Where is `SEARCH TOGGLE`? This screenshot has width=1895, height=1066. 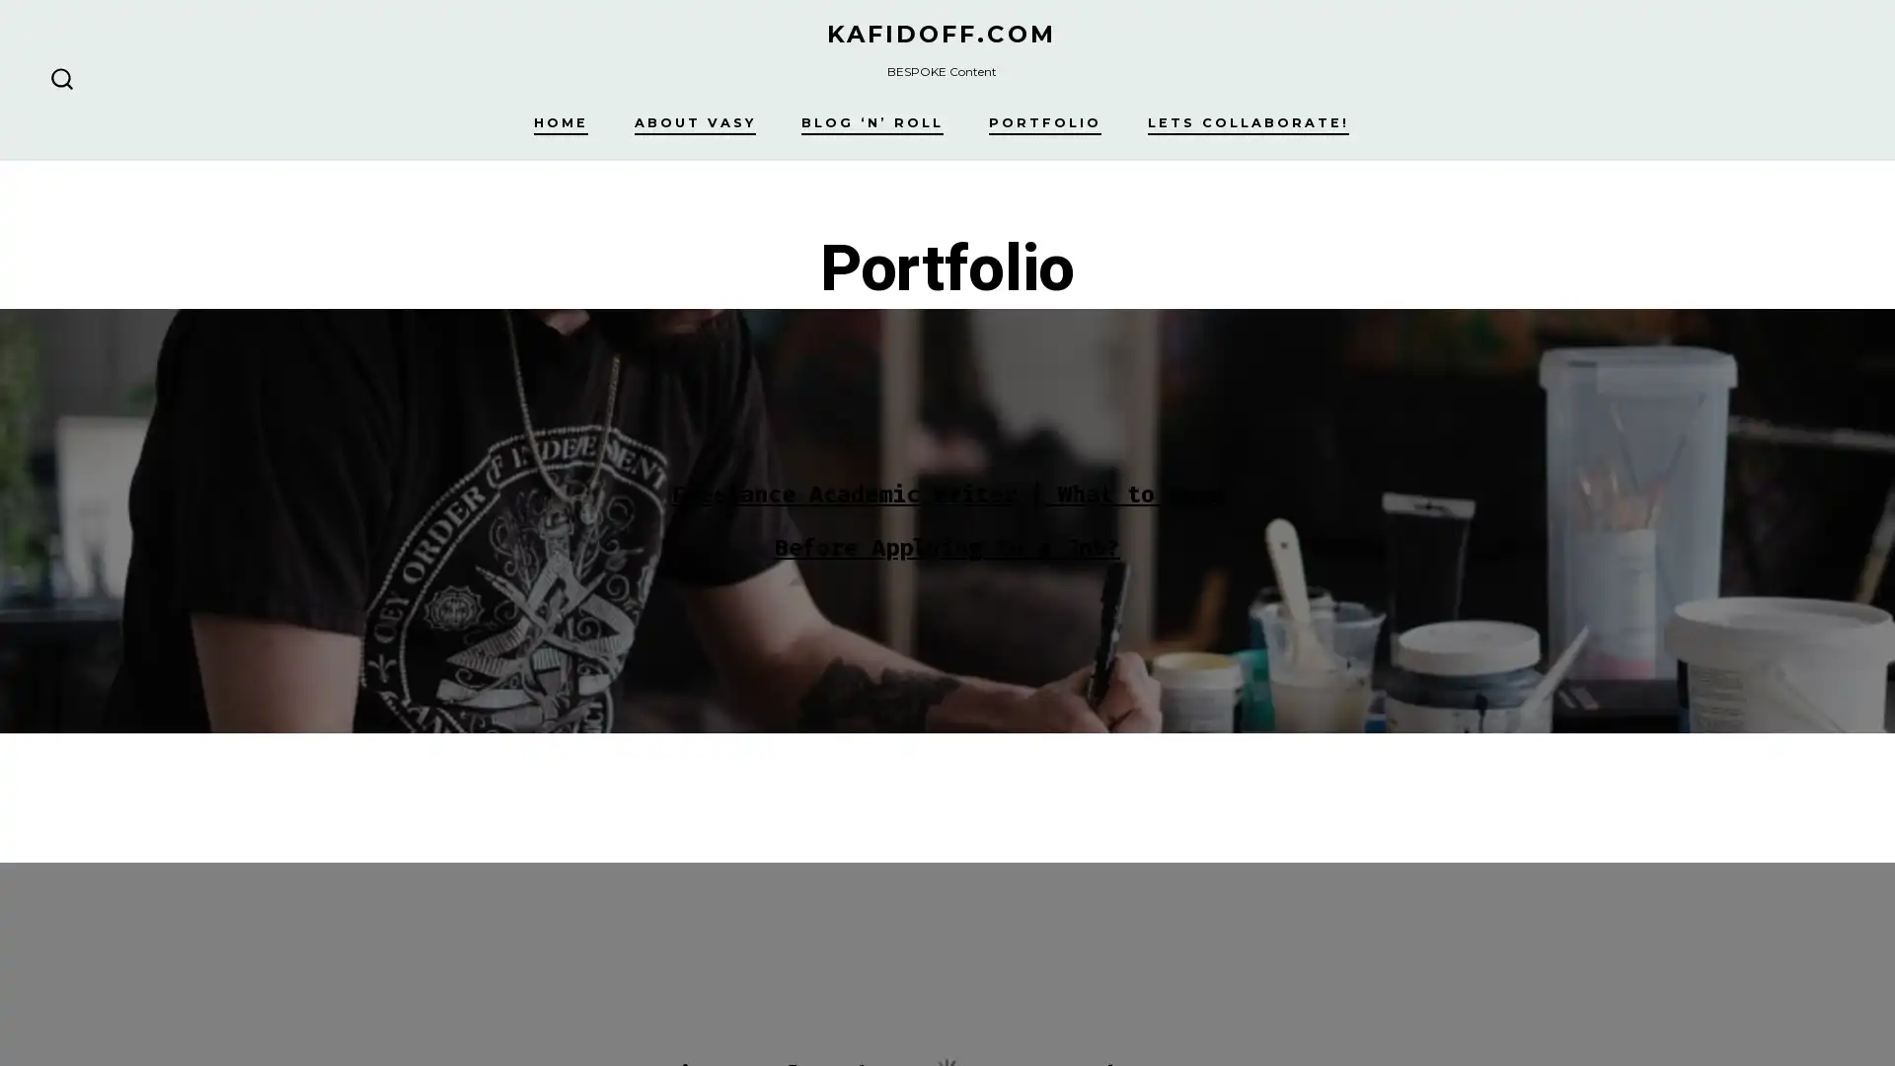
SEARCH TOGGLE is located at coordinates (61, 79).